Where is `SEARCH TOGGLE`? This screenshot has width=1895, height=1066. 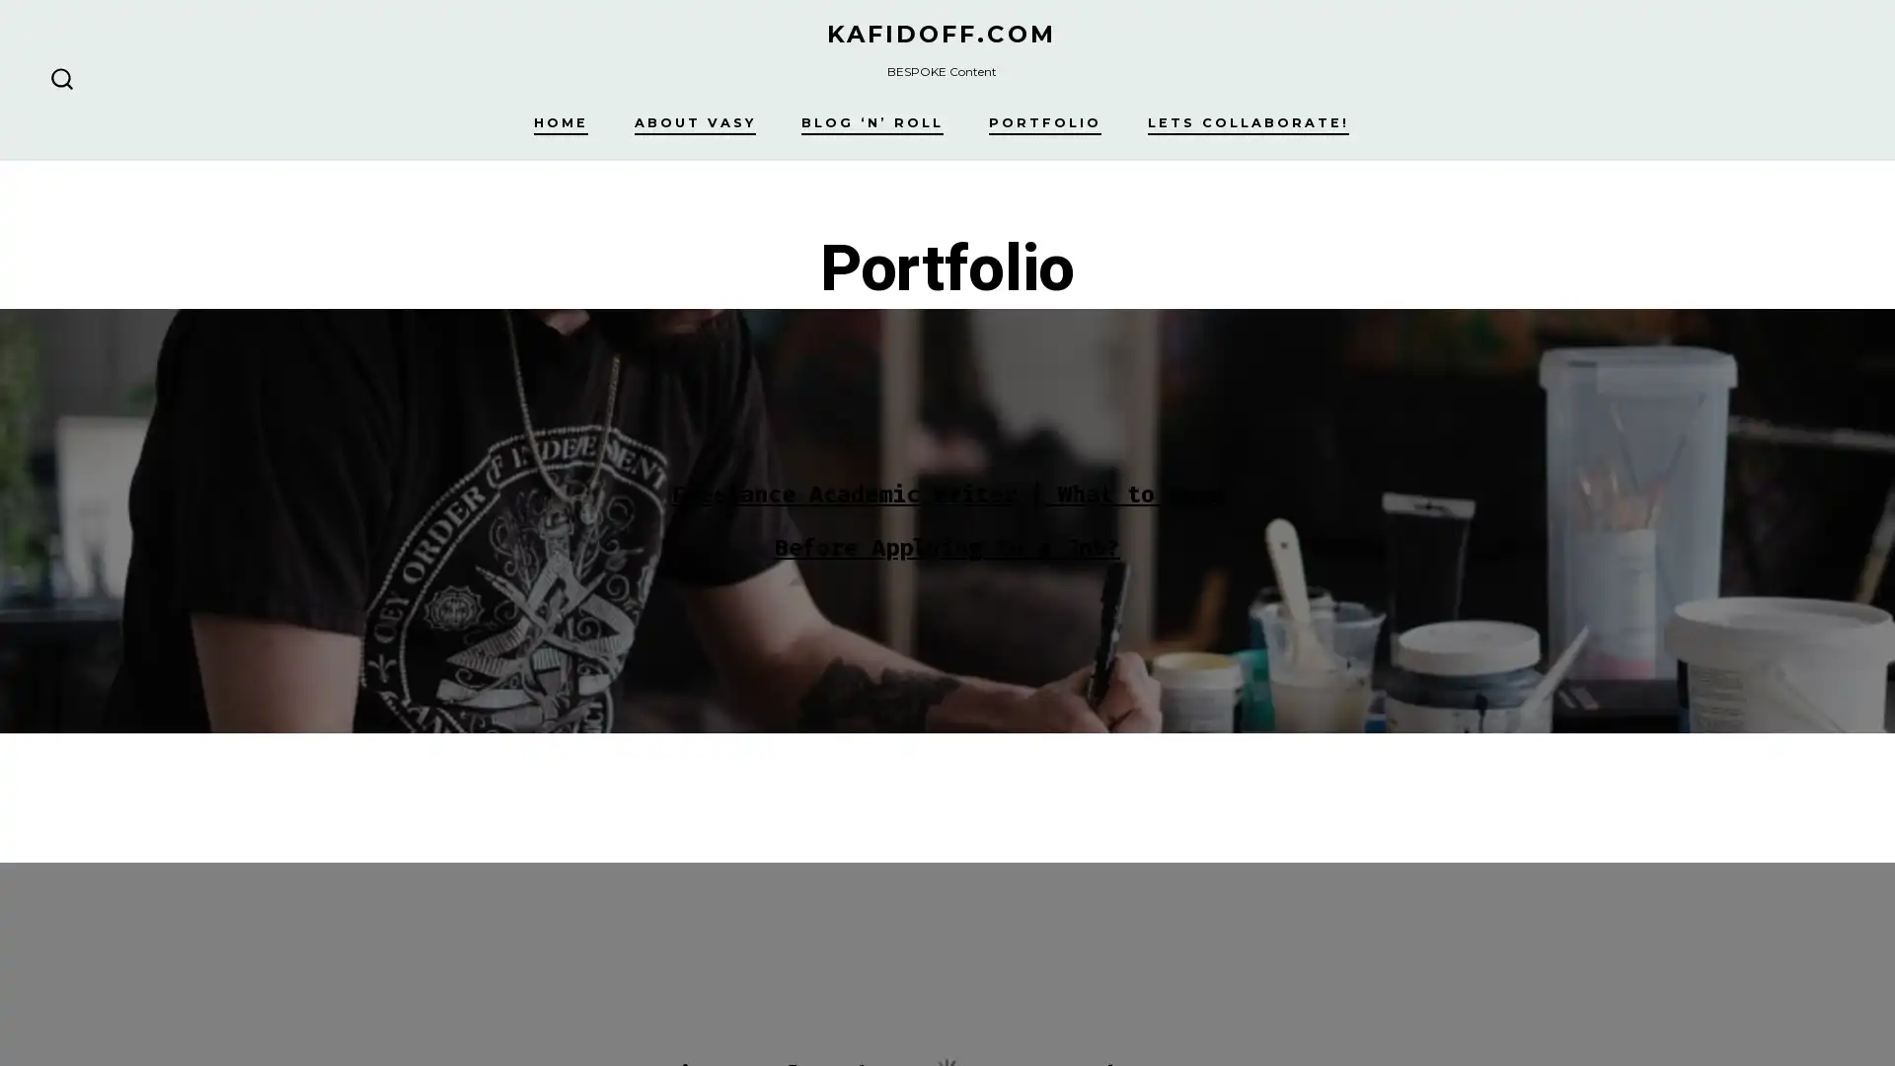
SEARCH TOGGLE is located at coordinates (61, 79).